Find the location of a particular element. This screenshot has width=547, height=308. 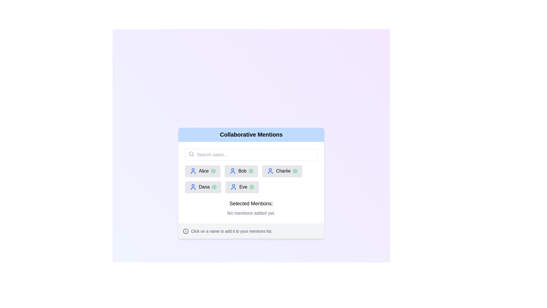

the 'Alice' button is located at coordinates (203, 171).